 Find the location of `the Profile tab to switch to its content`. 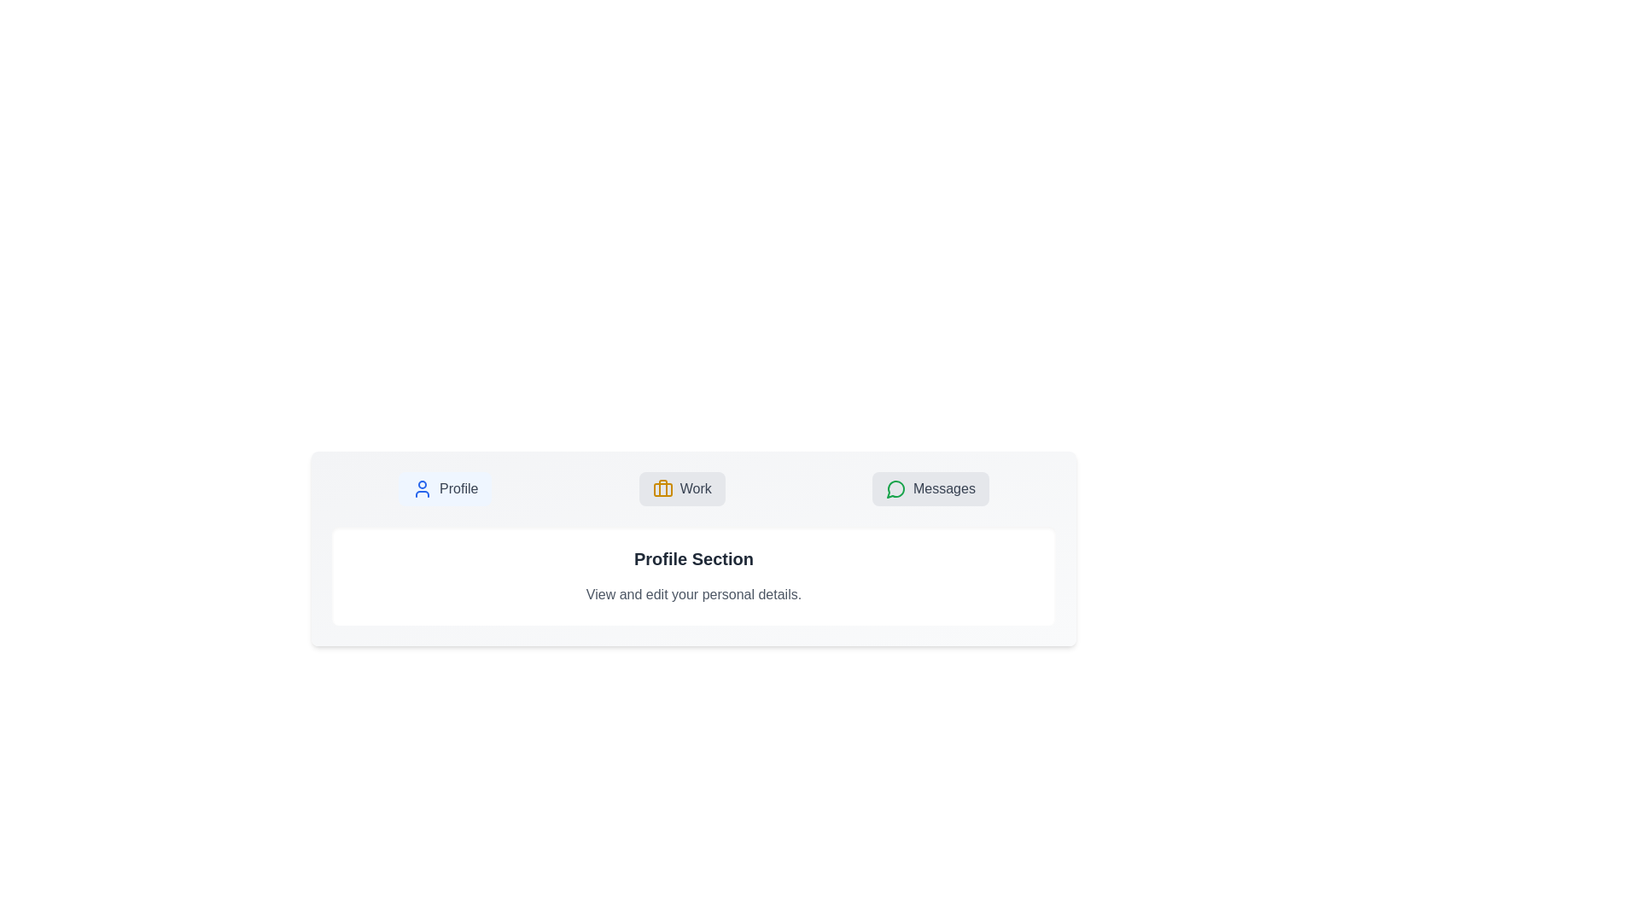

the Profile tab to switch to its content is located at coordinates (445, 489).